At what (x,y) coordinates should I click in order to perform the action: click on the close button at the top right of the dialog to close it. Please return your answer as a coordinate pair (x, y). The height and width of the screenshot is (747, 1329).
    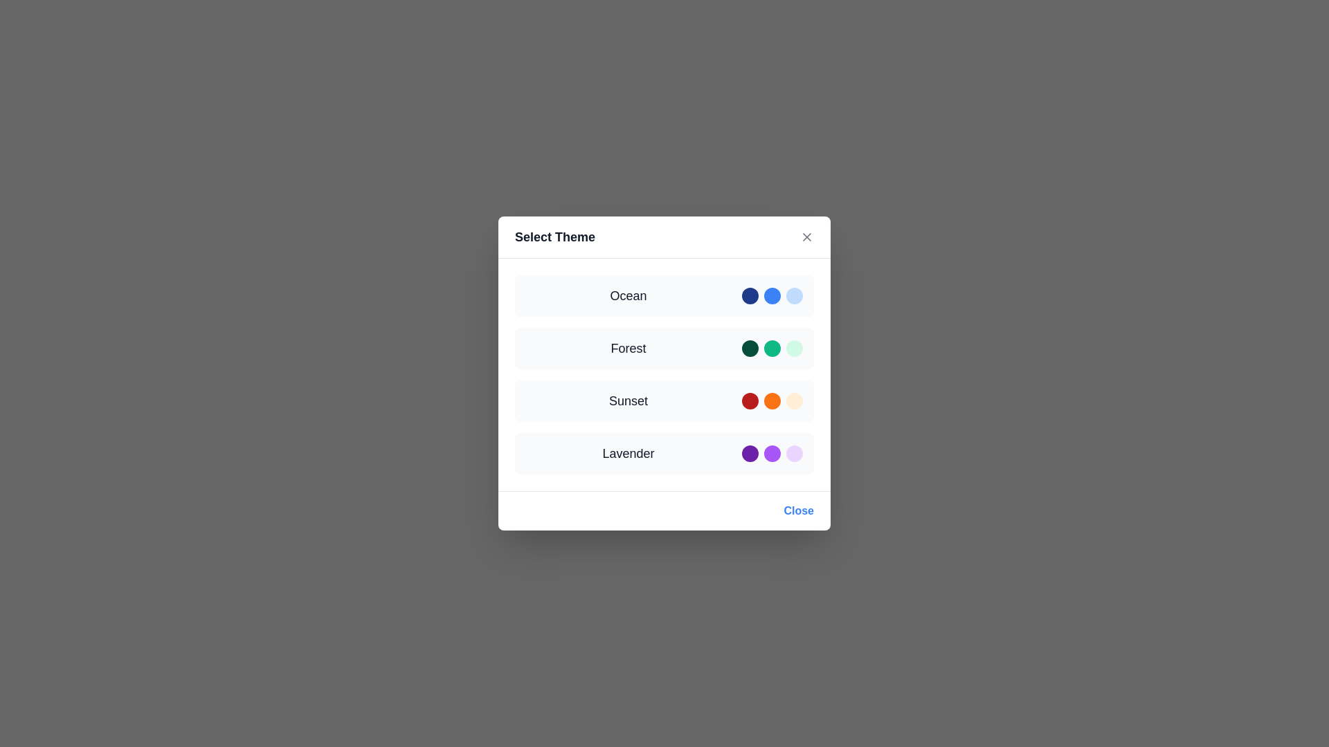
    Looking at the image, I should click on (807, 237).